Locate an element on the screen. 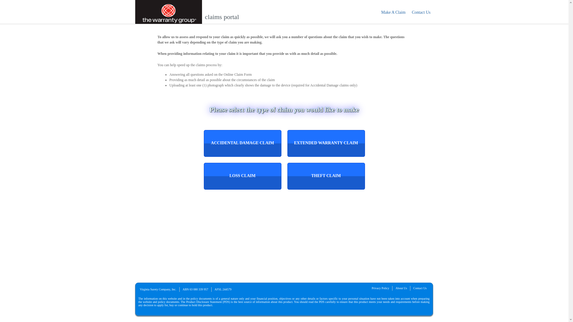 The width and height of the screenshot is (573, 322). 'About Us' is located at coordinates (401, 288).